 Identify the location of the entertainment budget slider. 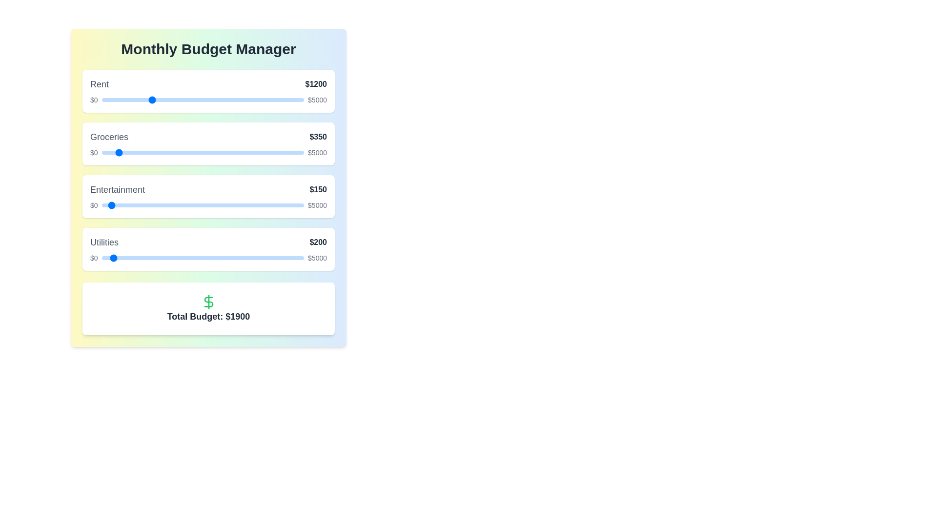
(189, 204).